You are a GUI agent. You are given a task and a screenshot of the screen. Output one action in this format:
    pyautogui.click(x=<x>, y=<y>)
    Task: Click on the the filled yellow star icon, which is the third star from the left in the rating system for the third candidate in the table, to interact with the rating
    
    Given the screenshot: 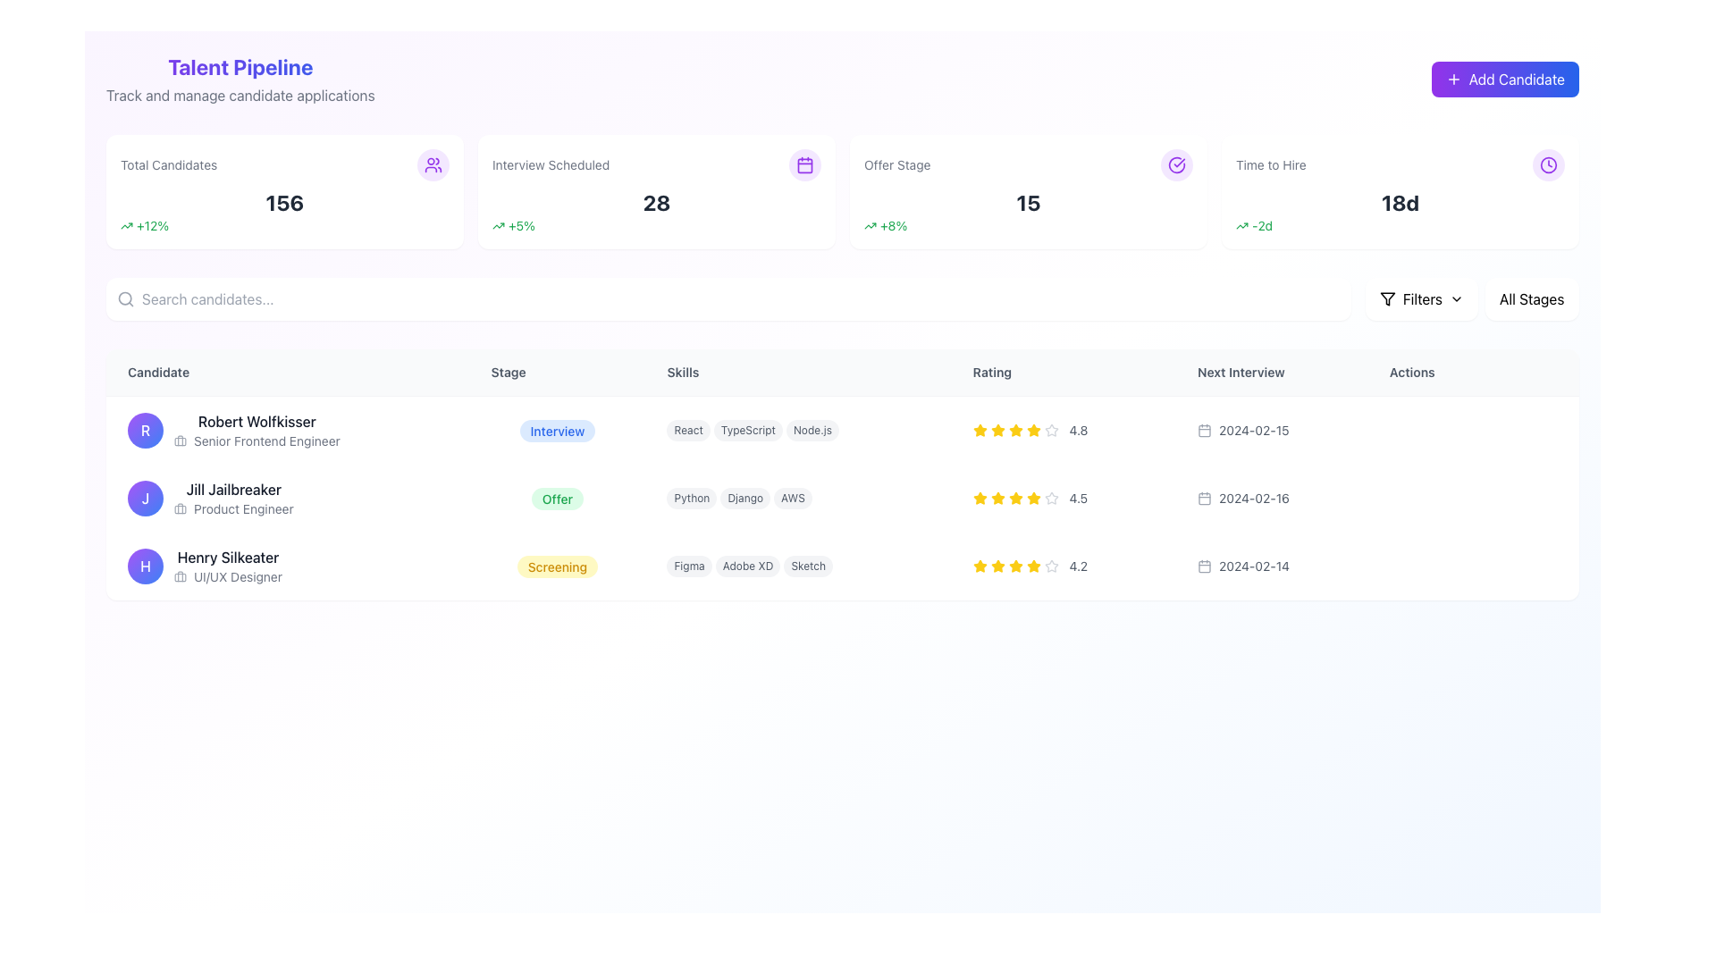 What is the action you would take?
    pyautogui.click(x=979, y=566)
    